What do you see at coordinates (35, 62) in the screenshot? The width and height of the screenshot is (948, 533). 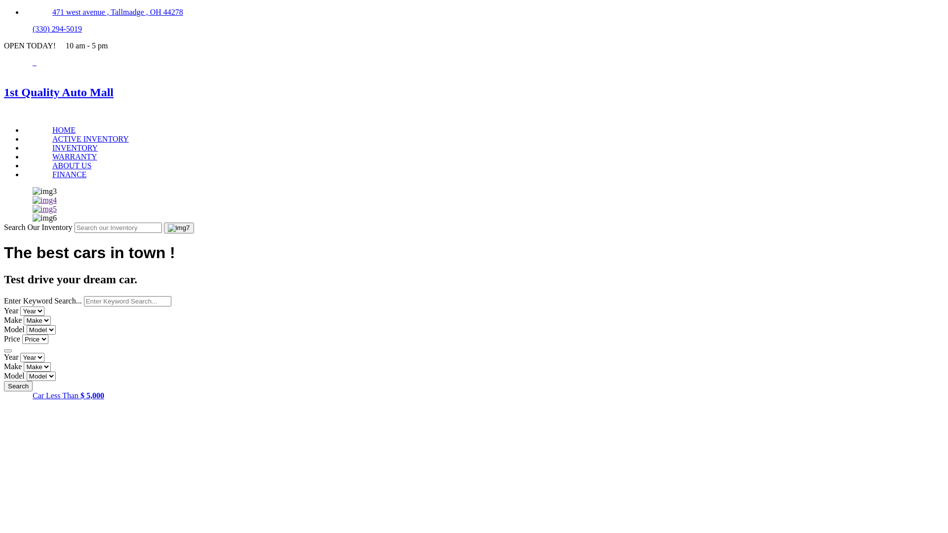 I see `'_'` at bounding box center [35, 62].